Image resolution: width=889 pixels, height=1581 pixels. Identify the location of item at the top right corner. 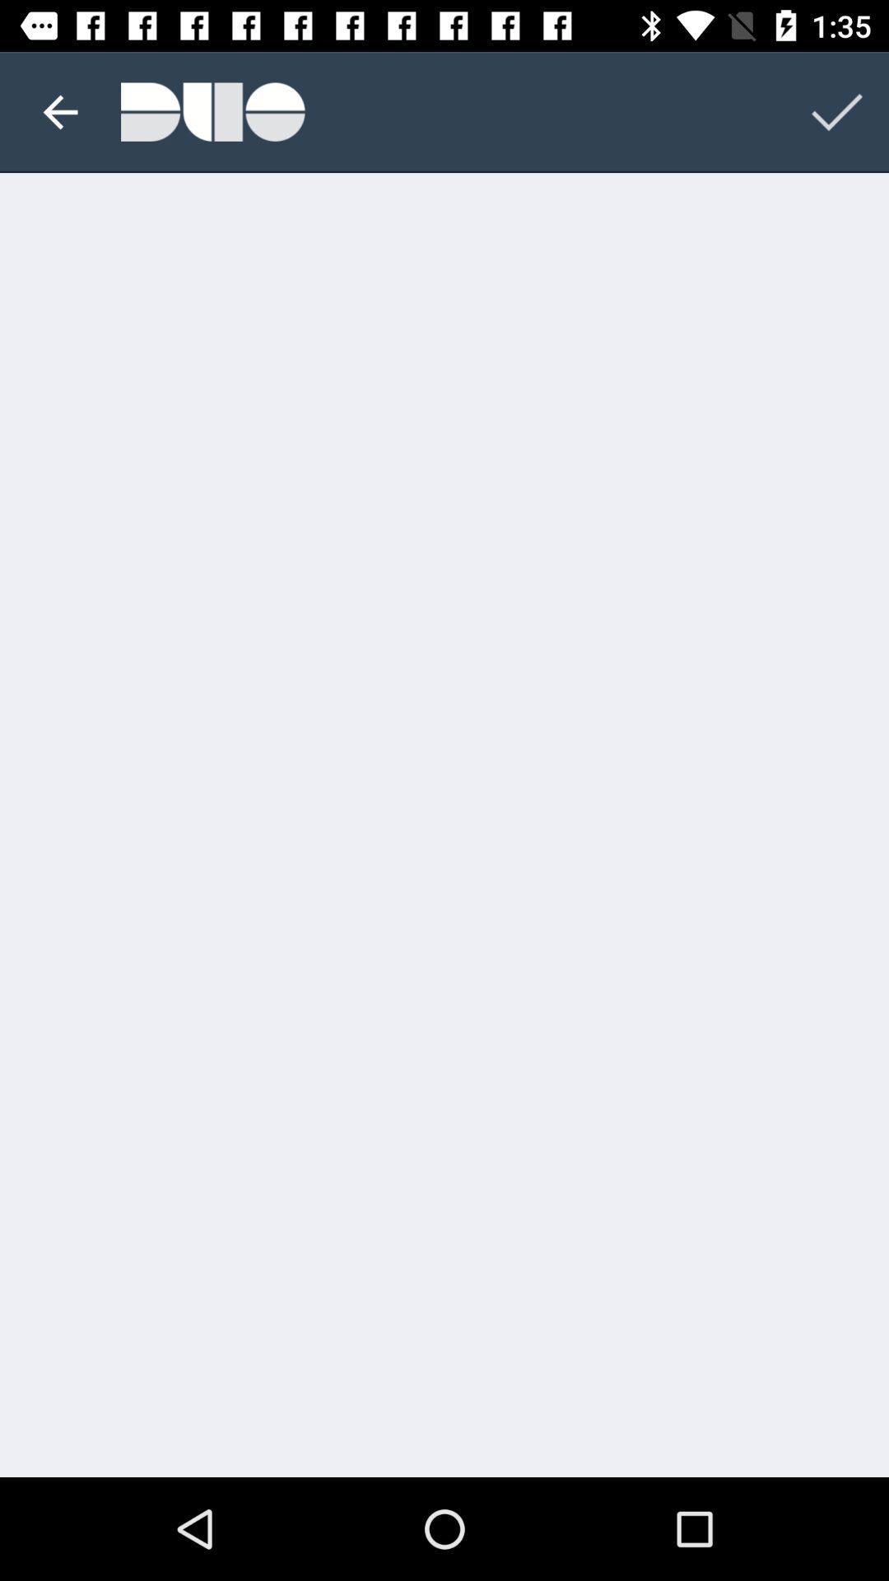
(837, 111).